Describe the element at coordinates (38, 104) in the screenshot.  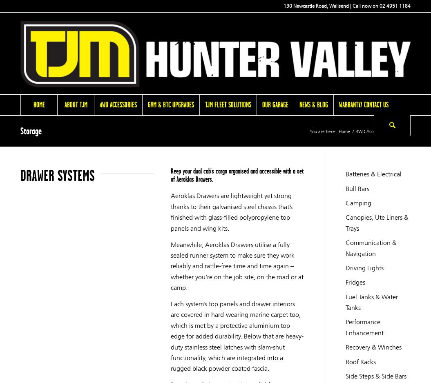
I see `'Home'` at that location.